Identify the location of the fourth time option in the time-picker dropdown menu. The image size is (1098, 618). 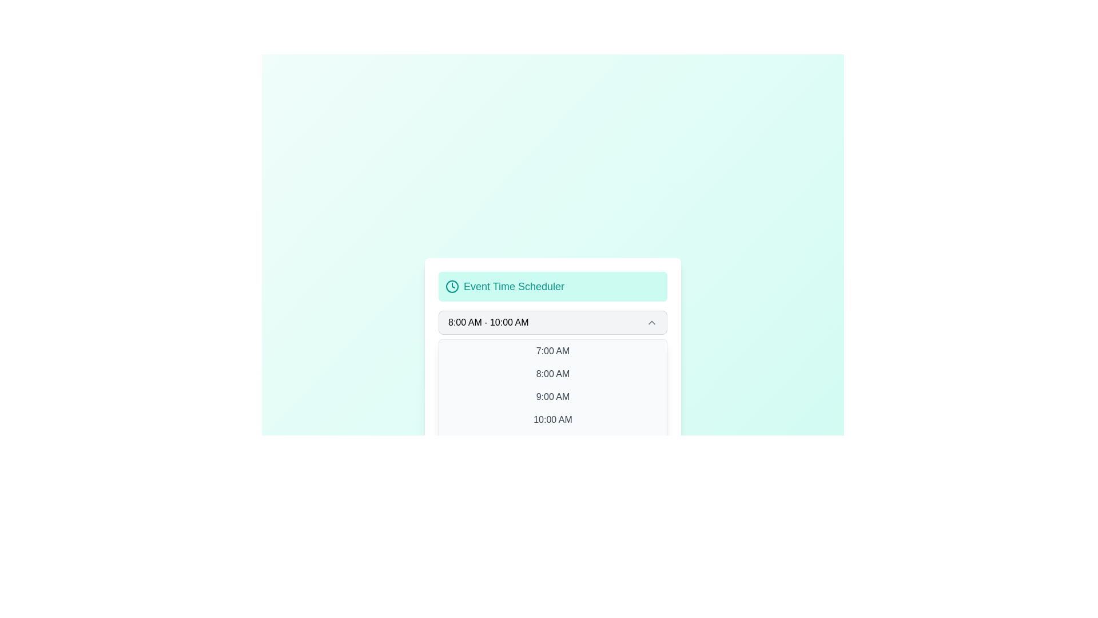
(552, 419).